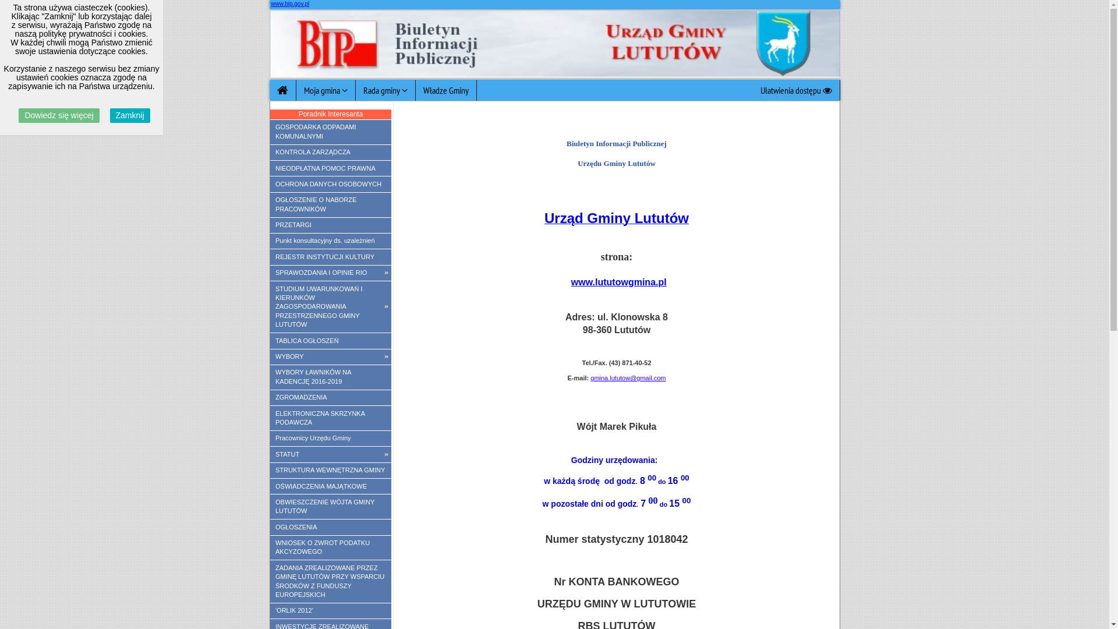  Describe the element at coordinates (330, 356) in the screenshot. I see `'WYBORY'` at that location.